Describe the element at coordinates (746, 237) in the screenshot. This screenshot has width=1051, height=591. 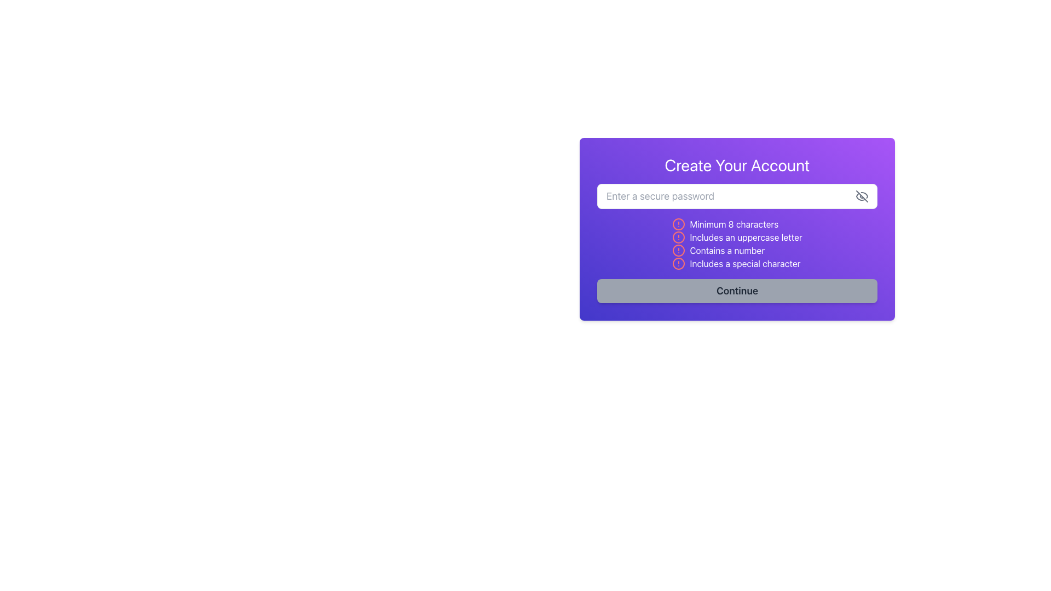
I see `the static text label stating 'Includes an uppercase letter,' which is styled in white font on a purple background and positioned as the second item in the list of password requirements` at that location.